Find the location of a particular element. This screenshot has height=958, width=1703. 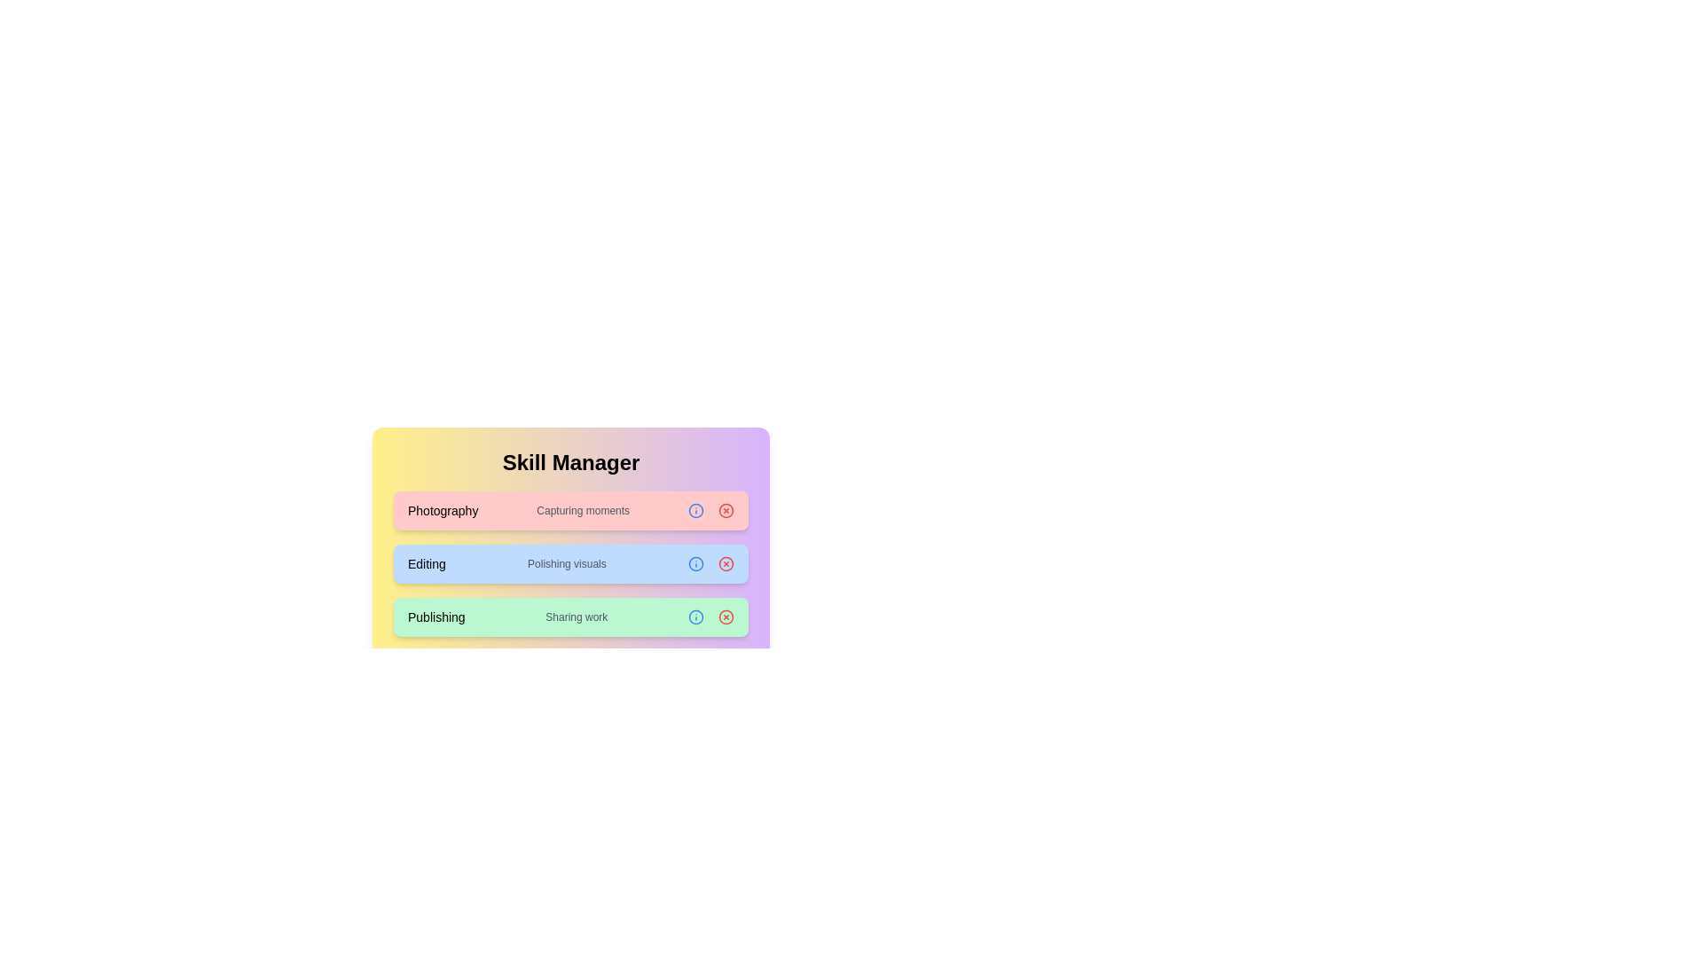

the text content of the chip labeled Editing is located at coordinates (427, 564).